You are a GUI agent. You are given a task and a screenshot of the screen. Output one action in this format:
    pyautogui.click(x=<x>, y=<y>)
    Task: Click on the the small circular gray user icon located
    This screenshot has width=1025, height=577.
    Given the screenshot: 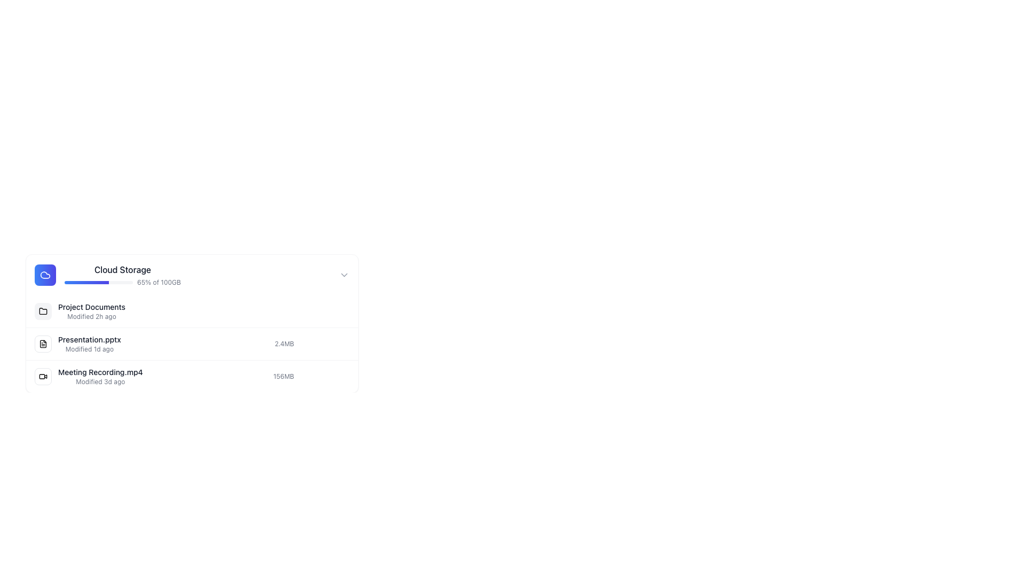 What is the action you would take?
    pyautogui.click(x=309, y=376)
    